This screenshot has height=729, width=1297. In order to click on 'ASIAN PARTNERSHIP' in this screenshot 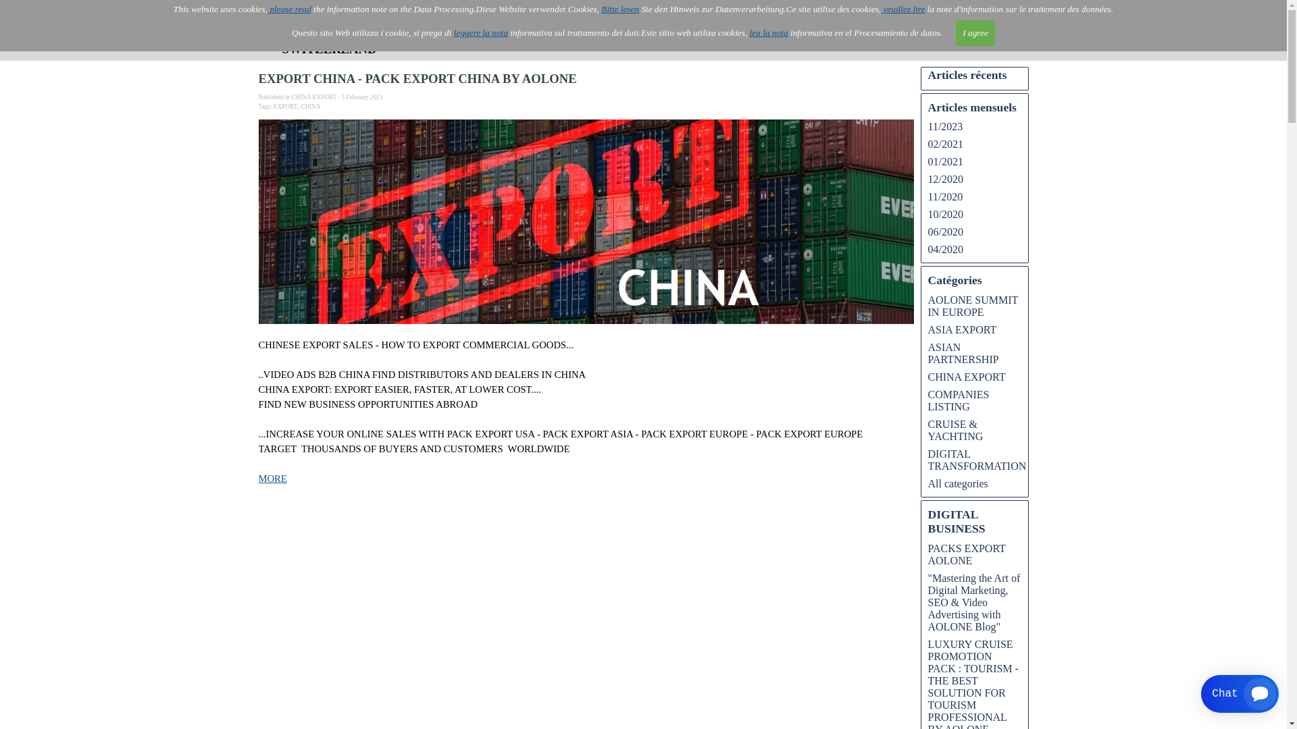, I will do `click(963, 352)`.